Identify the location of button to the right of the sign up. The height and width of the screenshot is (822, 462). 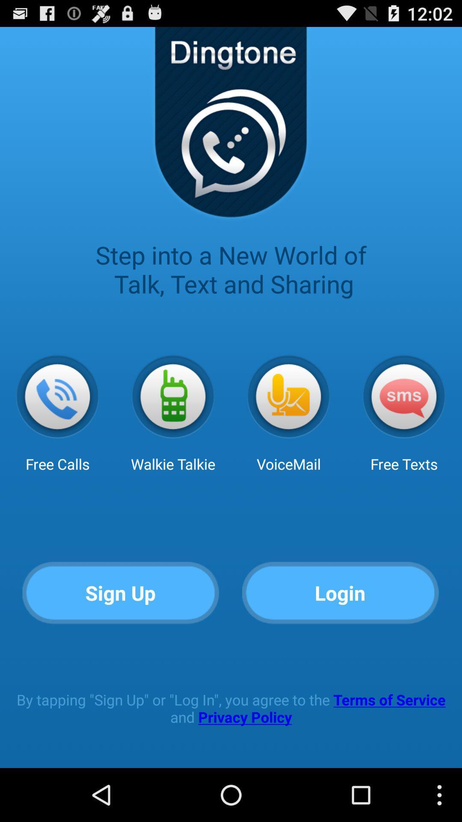
(340, 593).